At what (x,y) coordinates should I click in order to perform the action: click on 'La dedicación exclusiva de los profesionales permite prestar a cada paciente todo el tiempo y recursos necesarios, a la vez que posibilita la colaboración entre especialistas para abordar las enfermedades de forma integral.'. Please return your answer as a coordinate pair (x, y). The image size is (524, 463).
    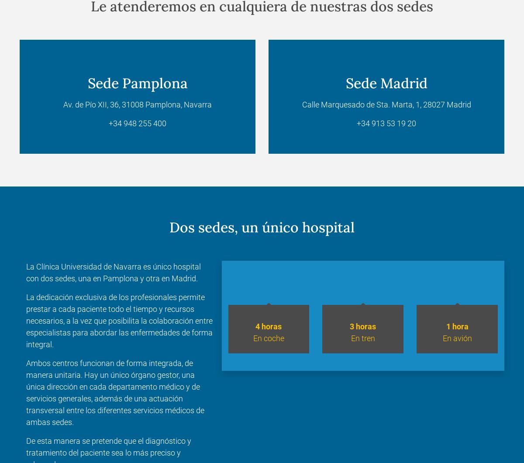
    Looking at the image, I should click on (119, 320).